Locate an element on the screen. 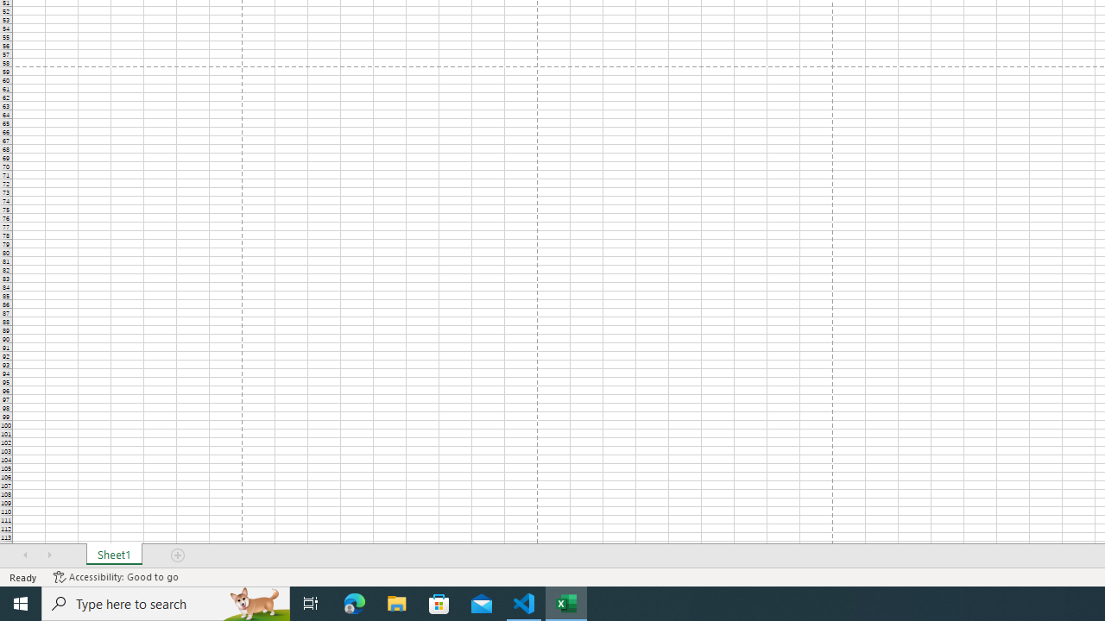  'Accessibility Checker Accessibility: Good to go' is located at coordinates (115, 577).